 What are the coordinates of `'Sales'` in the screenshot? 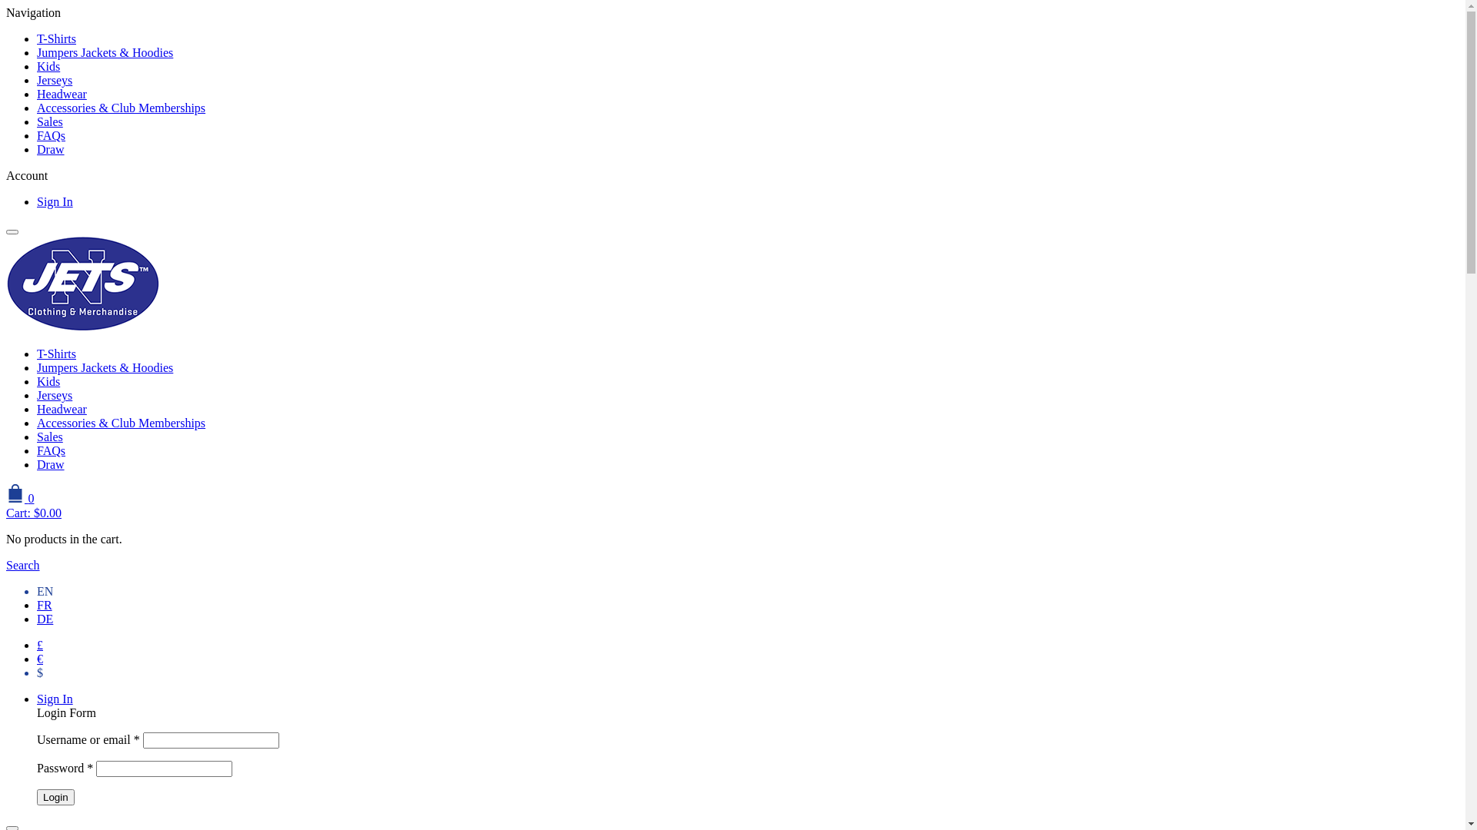 It's located at (50, 121).